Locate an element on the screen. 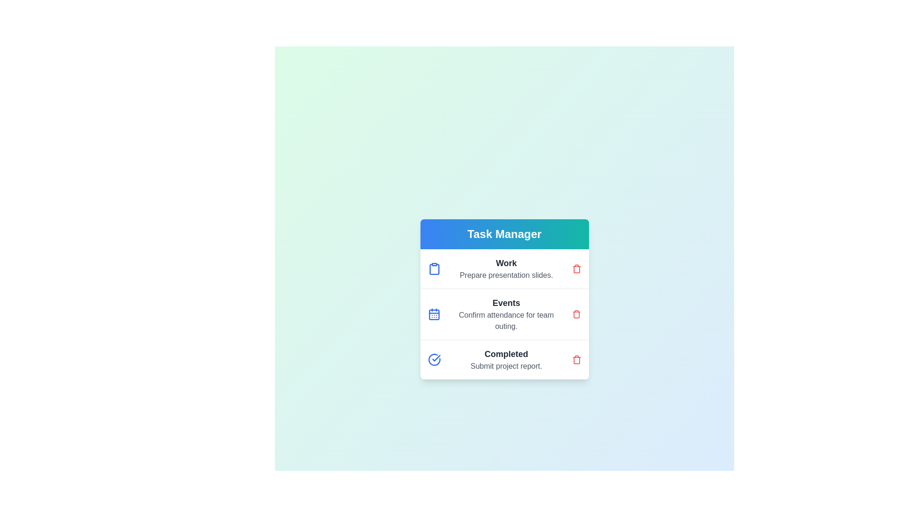 This screenshot has width=899, height=506. the task icon calendar to interact with it is located at coordinates (434, 314).